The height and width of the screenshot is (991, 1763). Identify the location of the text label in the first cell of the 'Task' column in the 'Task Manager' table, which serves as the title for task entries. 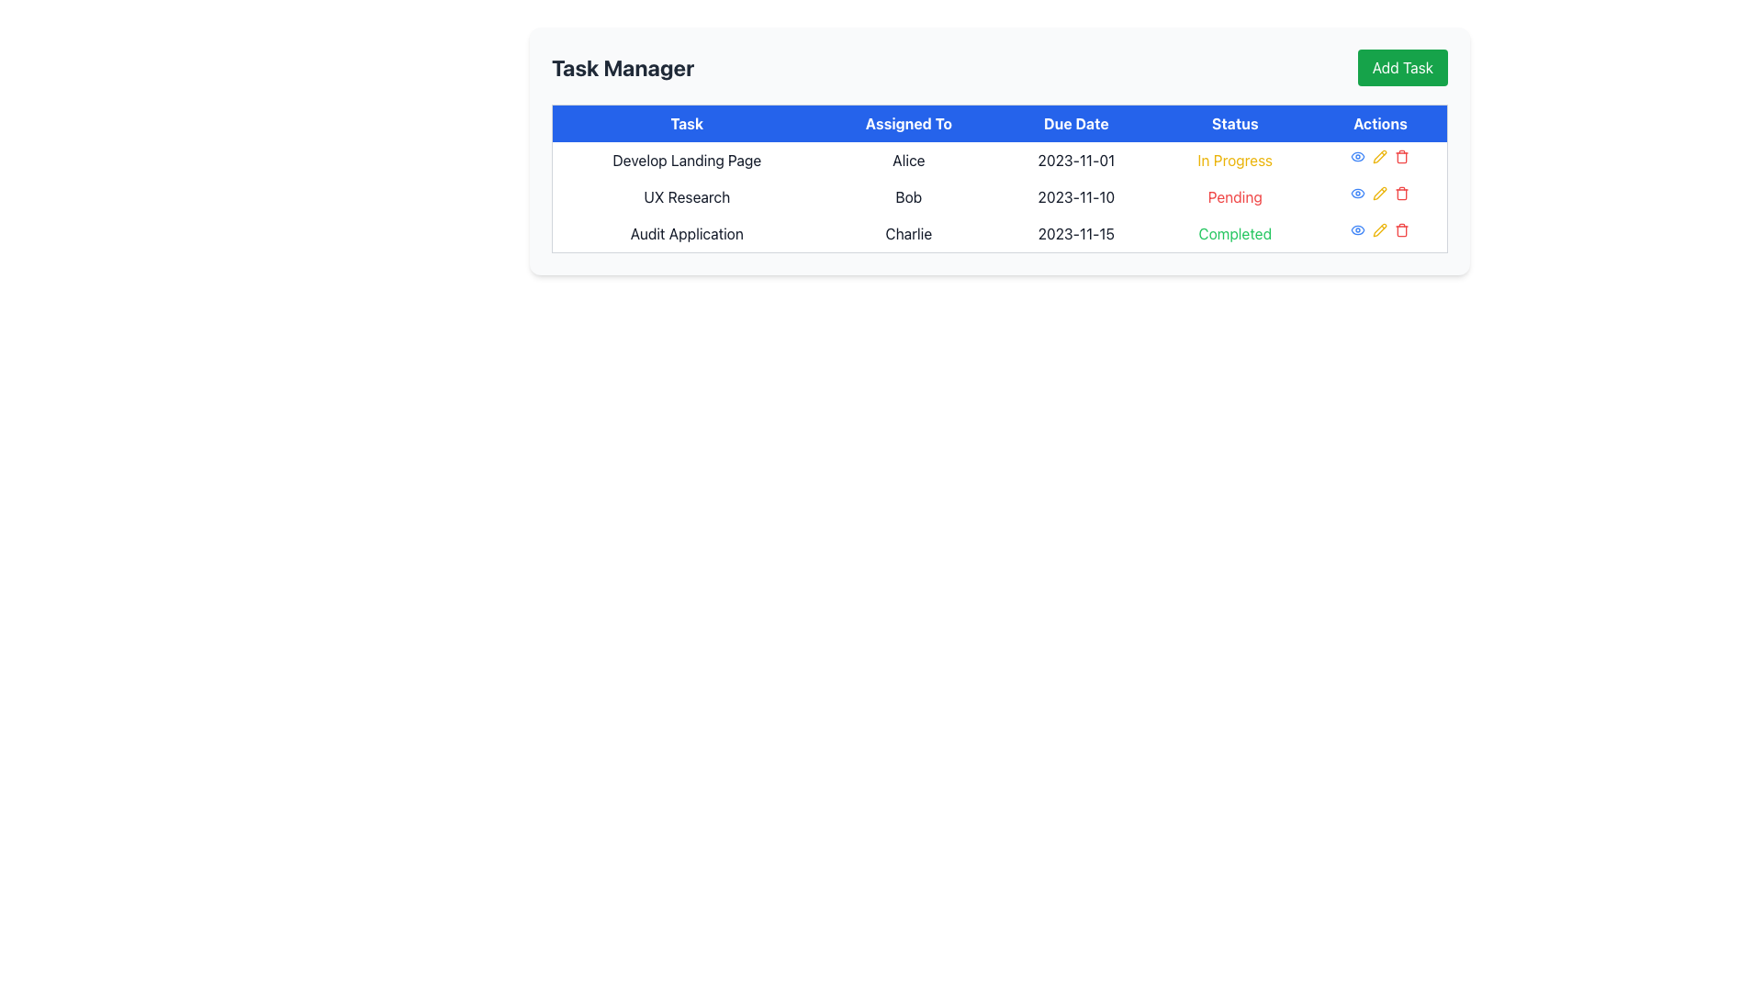
(686, 159).